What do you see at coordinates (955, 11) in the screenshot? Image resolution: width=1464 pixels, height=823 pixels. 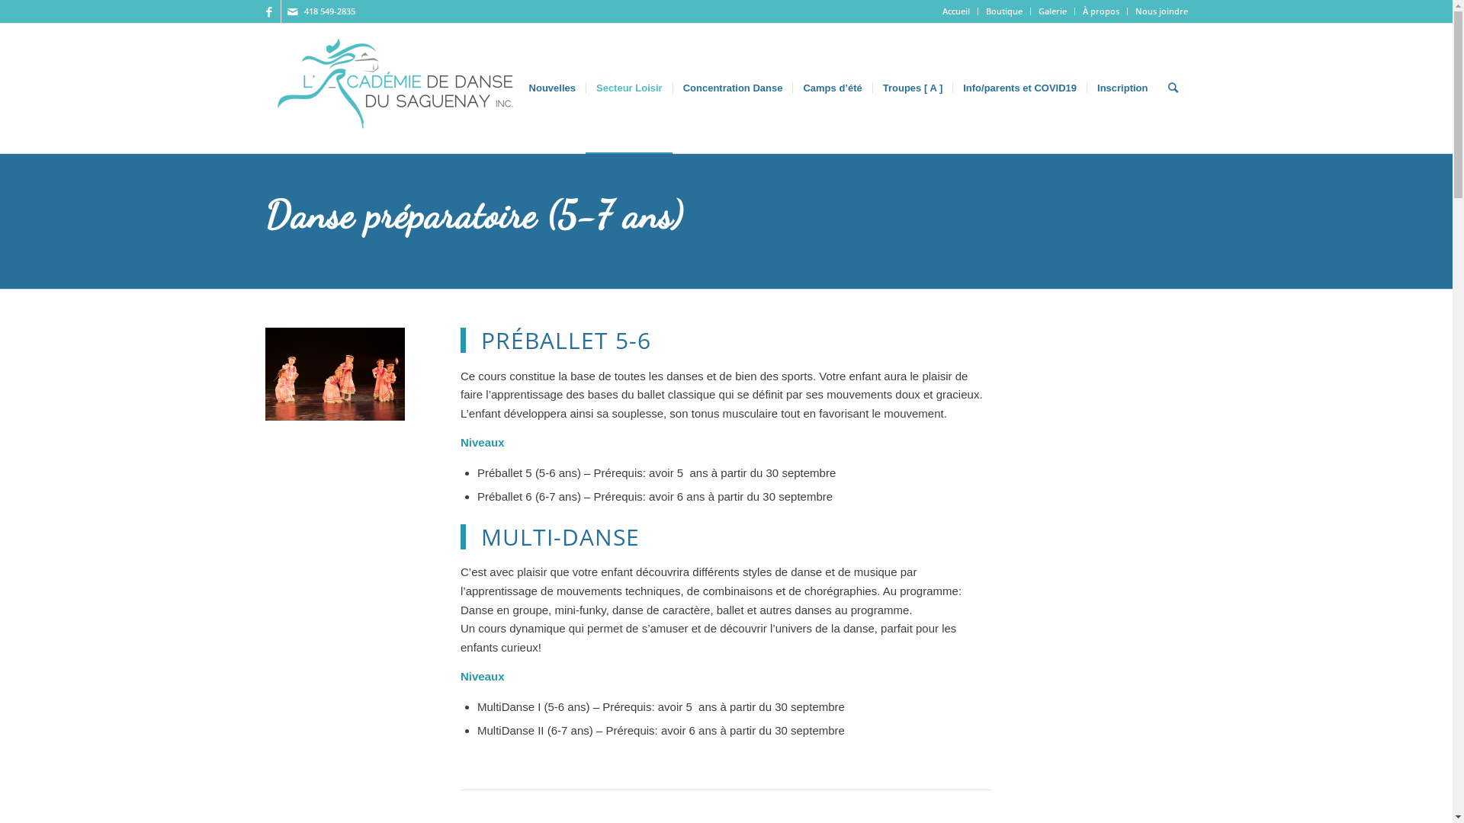 I see `'Accueil'` at bounding box center [955, 11].